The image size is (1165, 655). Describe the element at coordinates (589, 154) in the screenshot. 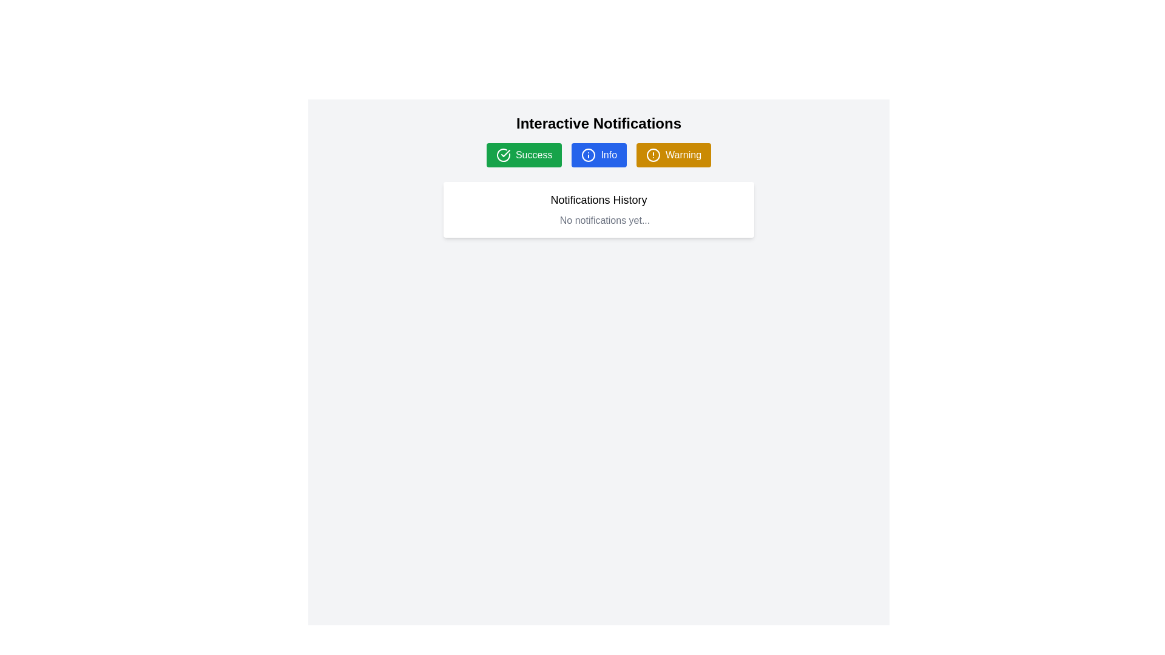

I see `the SVG Icon associated with the 'Info' button, located in the button group under 'Interactive Notifications'` at that location.